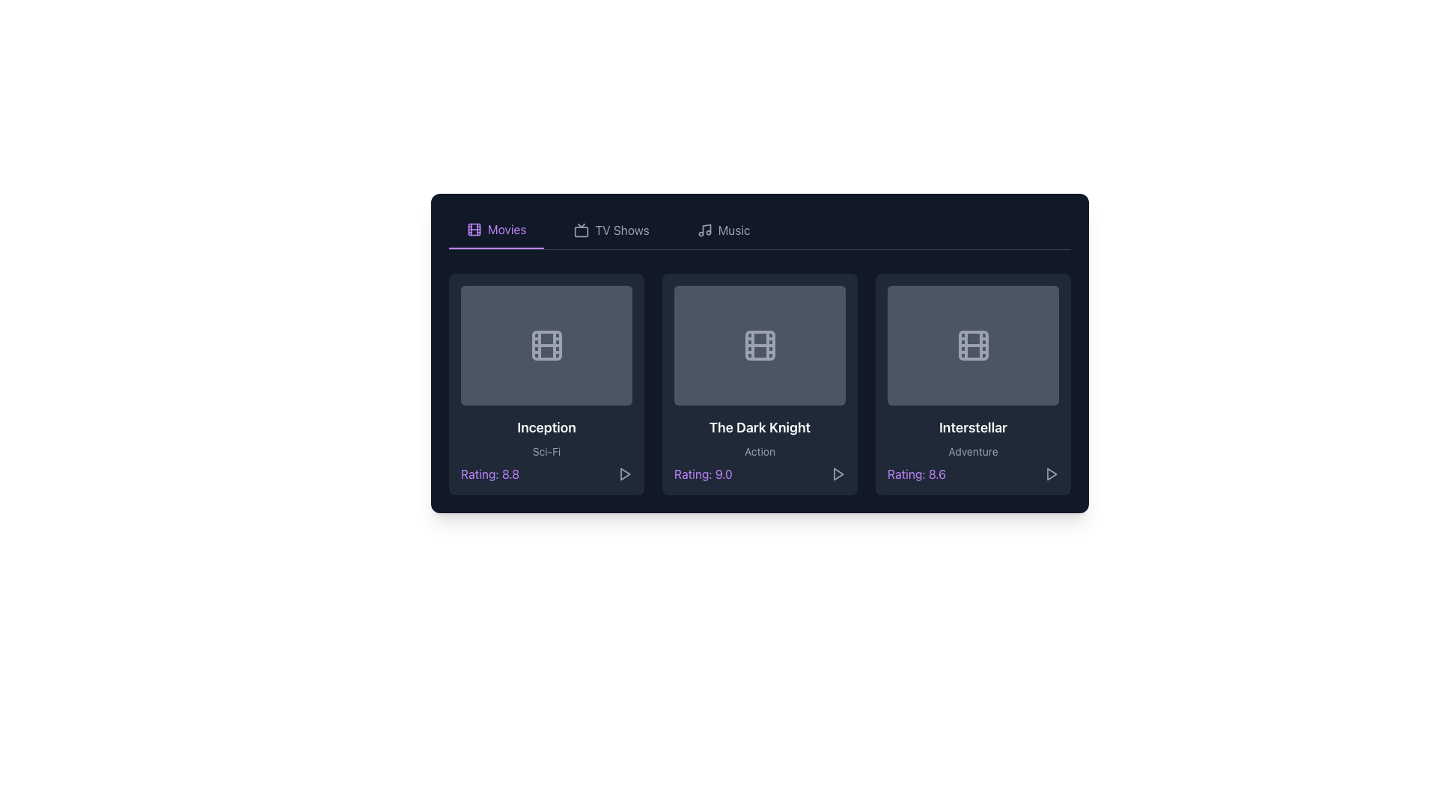 This screenshot has width=1437, height=808. What do you see at coordinates (973, 346) in the screenshot?
I see `the film reel icon, which is gray with thin borders and located in the upper half of the third movie card from the left` at bounding box center [973, 346].